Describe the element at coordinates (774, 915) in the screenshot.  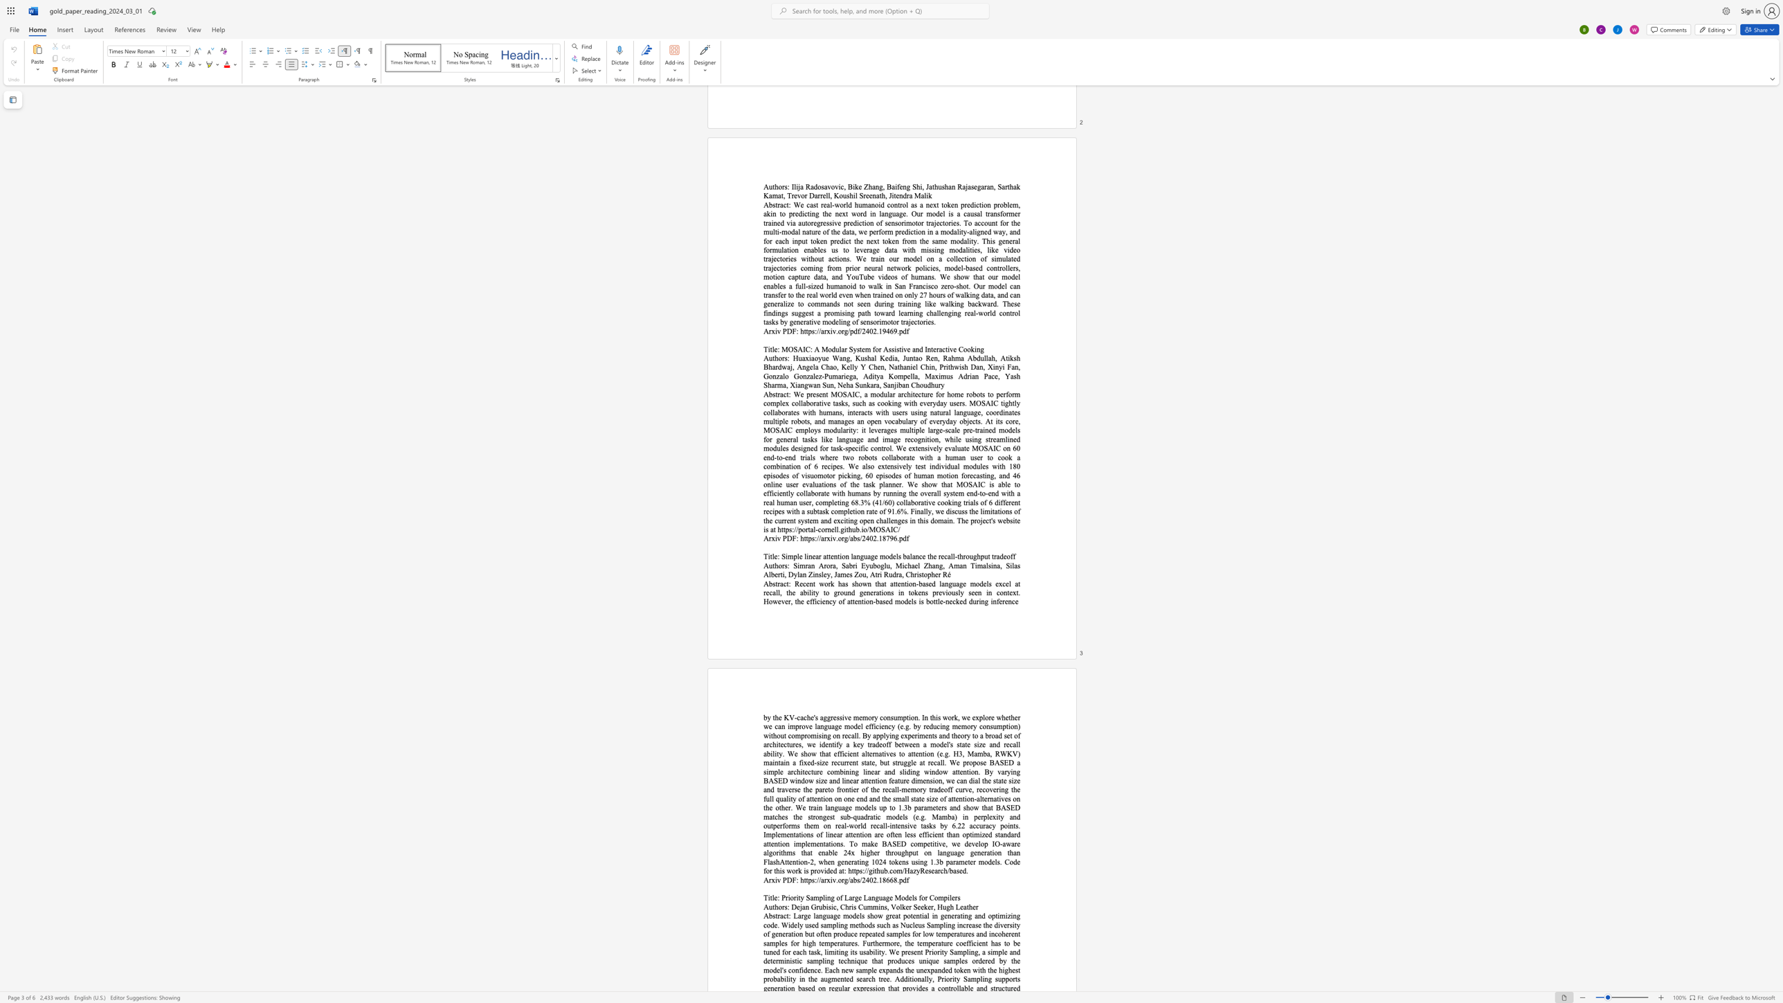
I see `the 1th character "s" in the text` at that location.